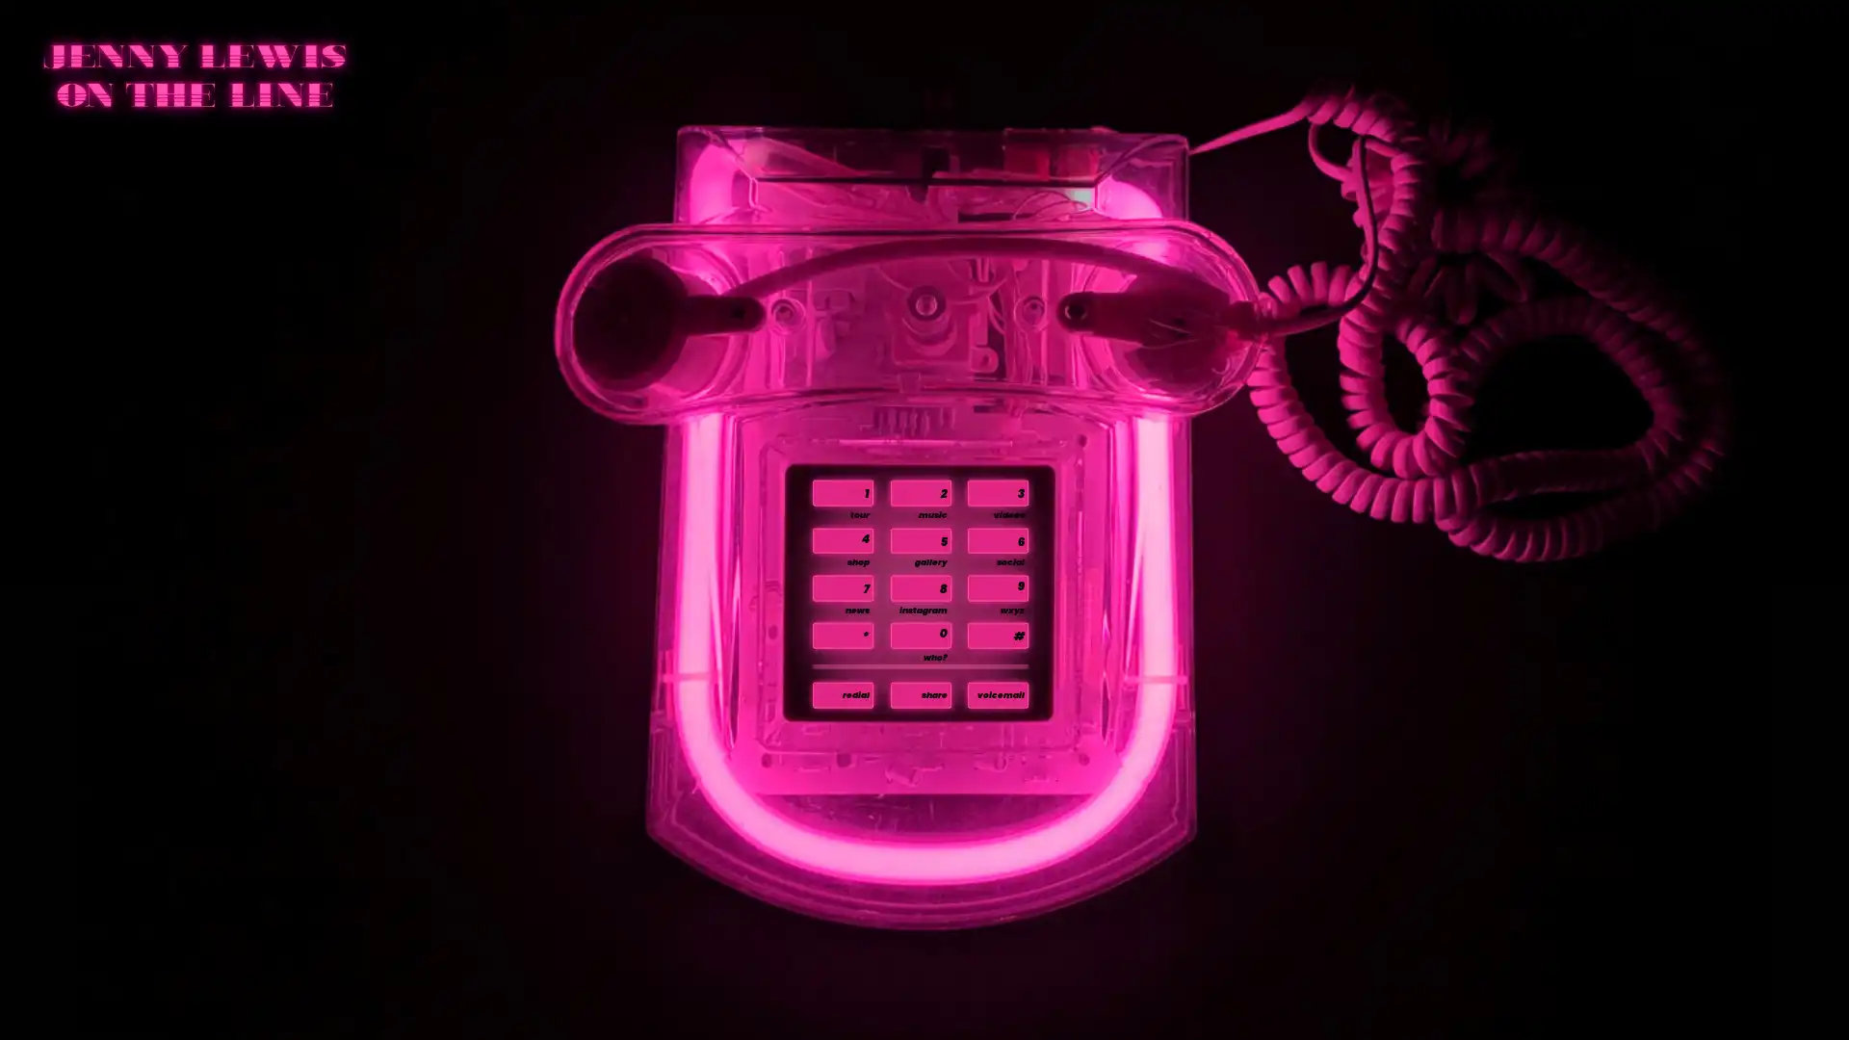  What do you see at coordinates (919, 586) in the screenshot?
I see `8 instagram` at bounding box center [919, 586].